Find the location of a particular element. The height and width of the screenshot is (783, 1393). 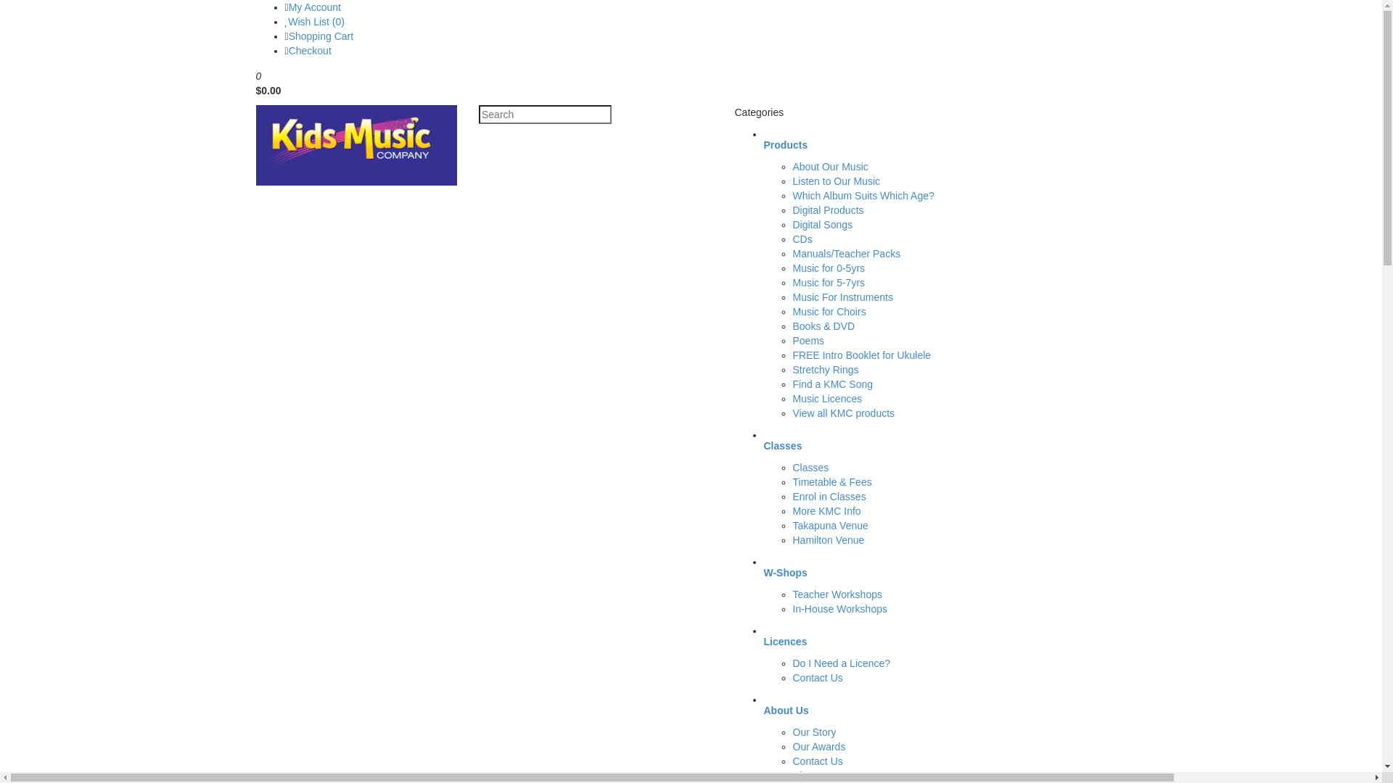

'Enrol in Classes' is located at coordinates (791, 496).